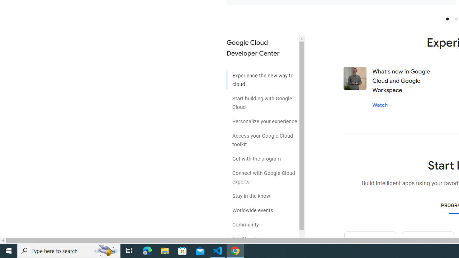  Describe the element at coordinates (379, 105) in the screenshot. I see `'Watch'` at that location.